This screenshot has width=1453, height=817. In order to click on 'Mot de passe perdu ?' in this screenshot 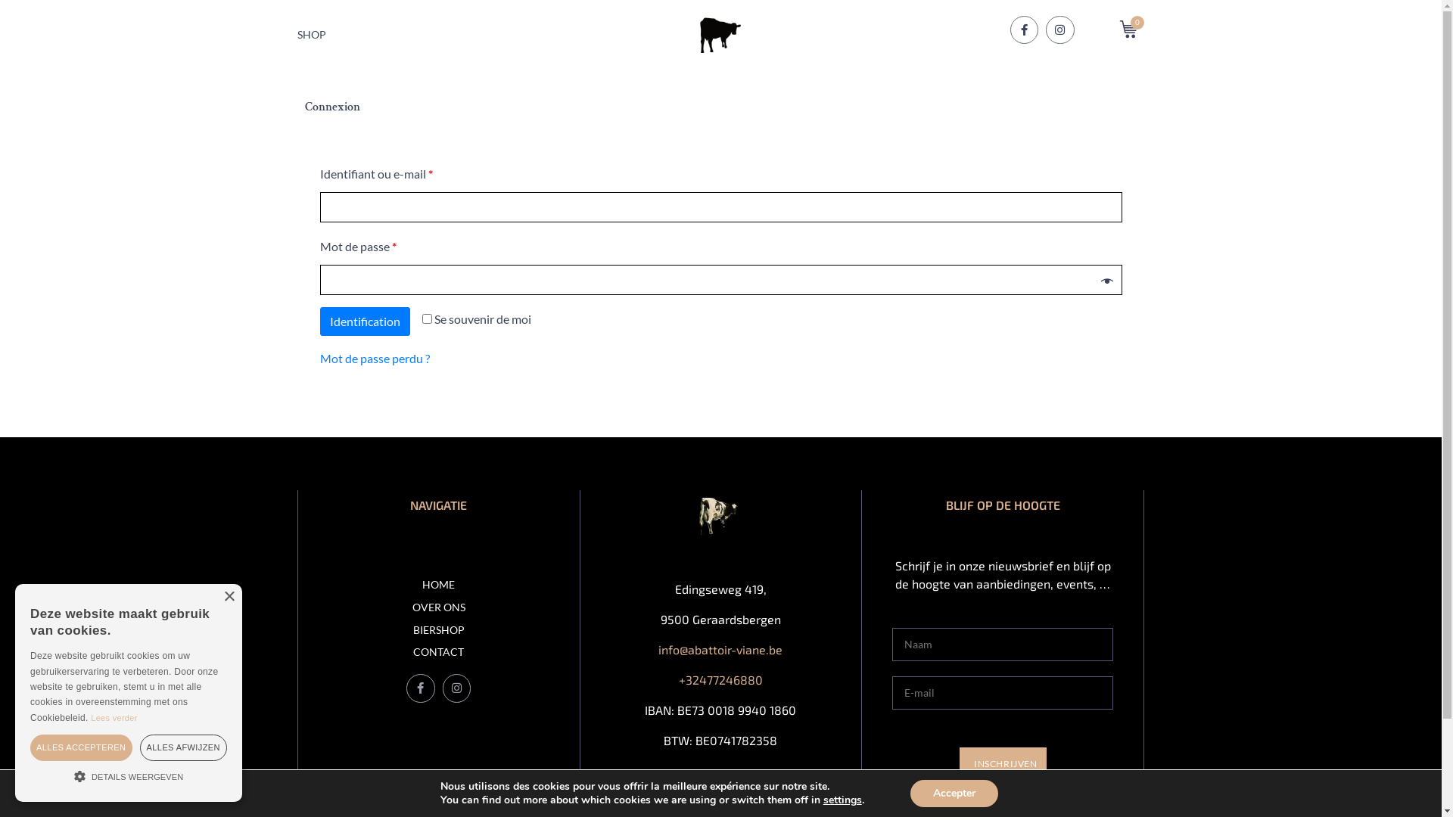, I will do `click(374, 358)`.